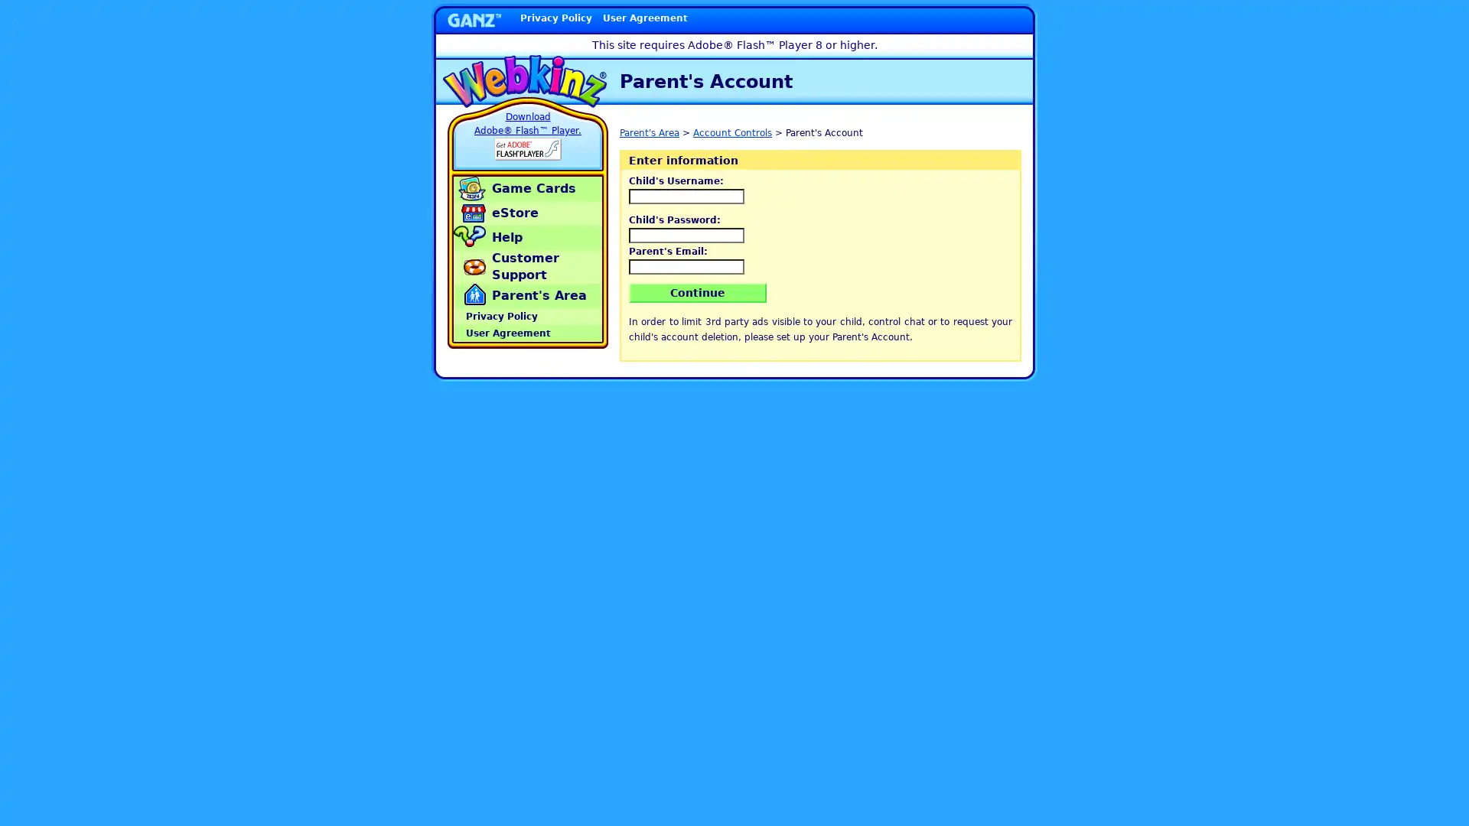  What do you see at coordinates (697, 292) in the screenshot?
I see `Continue` at bounding box center [697, 292].